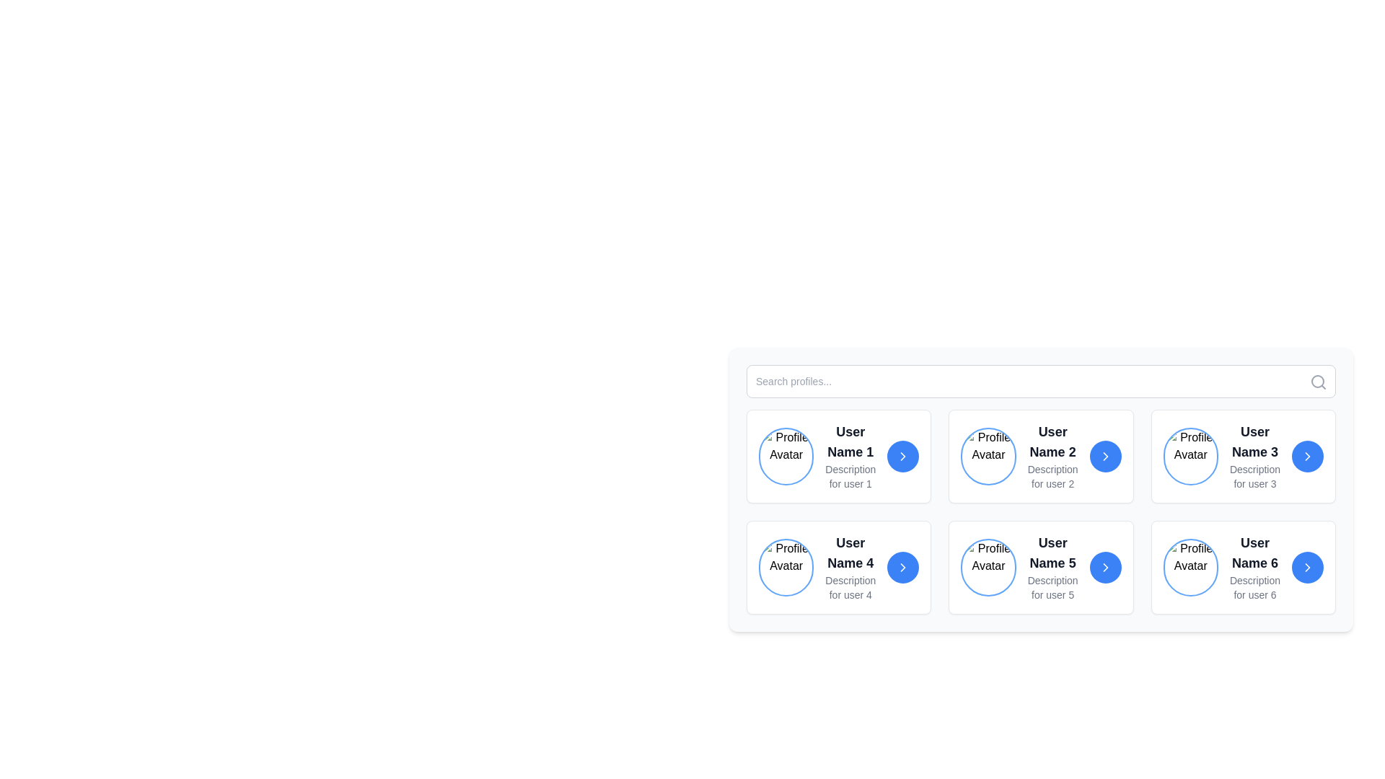 The width and height of the screenshot is (1385, 779). What do you see at coordinates (1308, 566) in the screenshot?
I see `the chevron icon located within the circular button at the bottom-right corner of the user card for 'User Name 6'` at bounding box center [1308, 566].